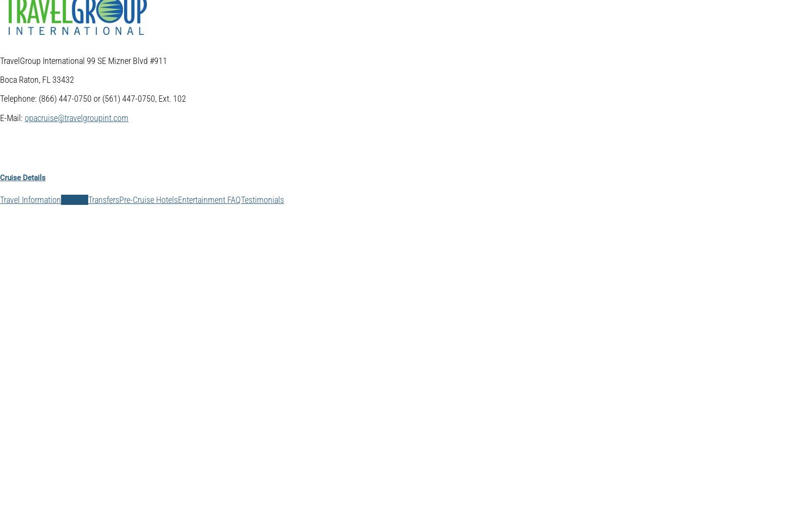 Image resolution: width=807 pixels, height=511 pixels. Describe the element at coordinates (62, 402) in the screenshot. I see `'9926 SE 36th Ave. / CR467 Belleview, FL 34420'` at that location.